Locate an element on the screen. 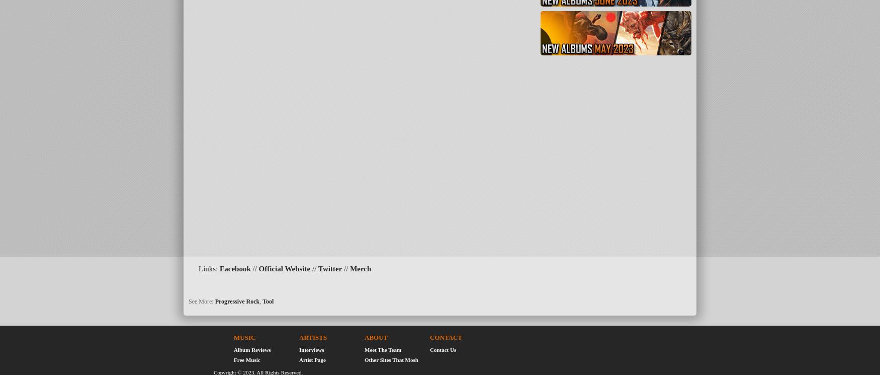 The height and width of the screenshot is (375, 880). 'Progressive Rock' is located at coordinates (237, 301).